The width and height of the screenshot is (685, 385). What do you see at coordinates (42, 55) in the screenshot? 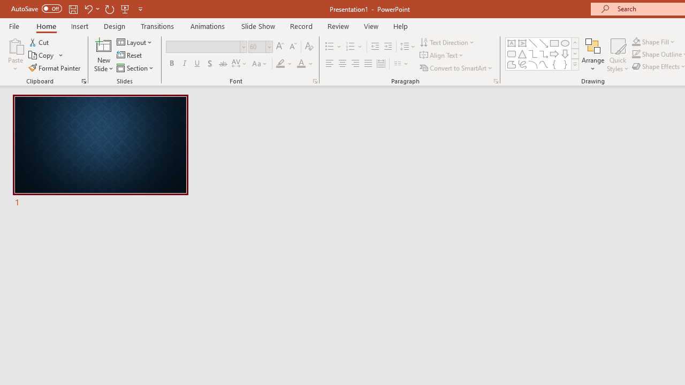
I see `'Copy'` at bounding box center [42, 55].